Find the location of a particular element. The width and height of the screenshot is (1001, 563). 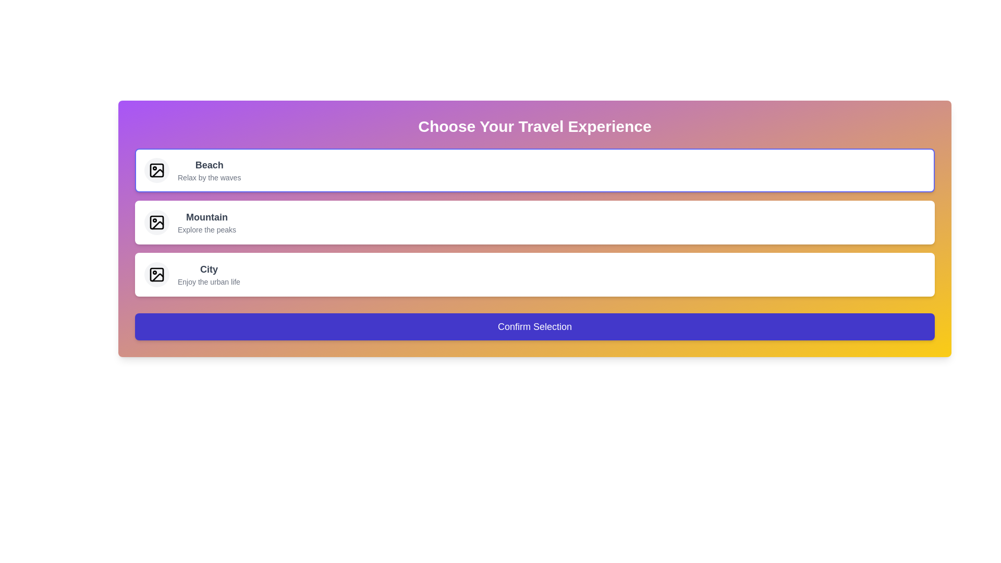

the circular icon with a light gray background that features an outlined image symbol representing a sun or moon, located to the left of the text 'Mountain' and 'Explore the peaks' is located at coordinates (156, 222).